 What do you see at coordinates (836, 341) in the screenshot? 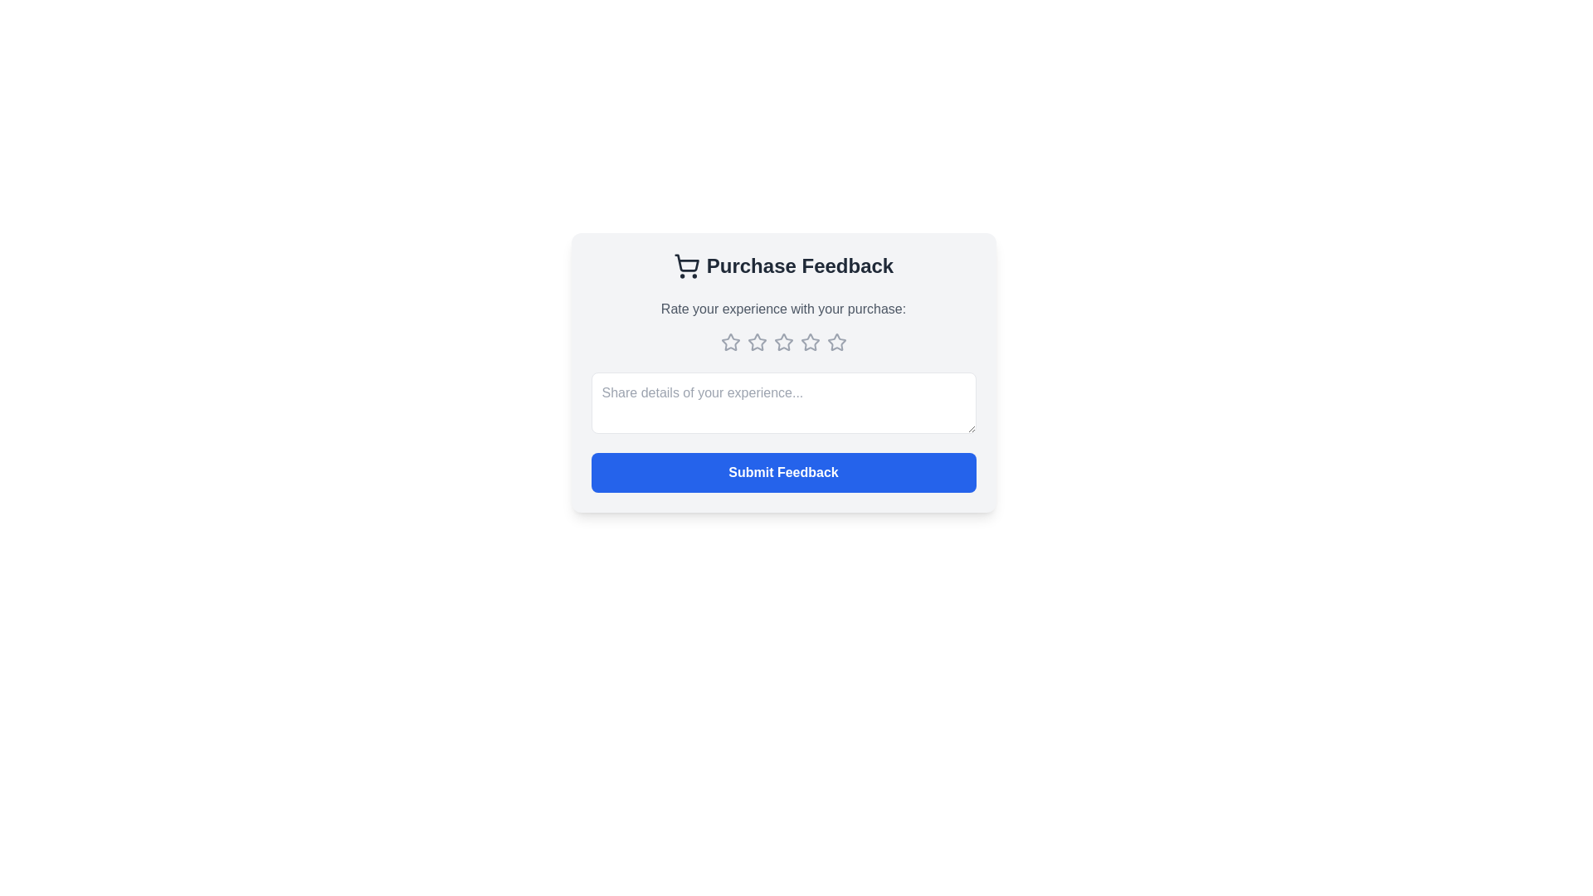
I see `the fifth star icon in the rating tool` at bounding box center [836, 341].